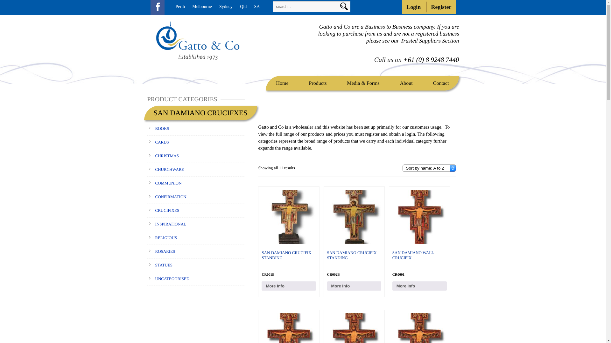 The image size is (611, 343). What do you see at coordinates (429, 40) in the screenshot?
I see `'Trusted Suppliers Section'` at bounding box center [429, 40].